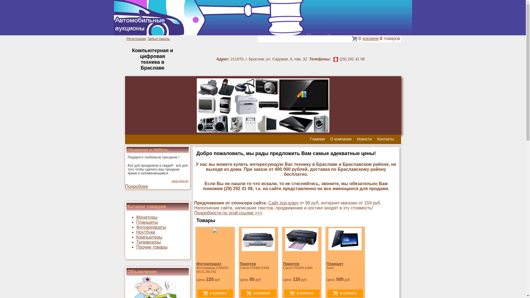  Describe the element at coordinates (171, 181) in the screenshot. I see `'good-shop.by'` at that location.